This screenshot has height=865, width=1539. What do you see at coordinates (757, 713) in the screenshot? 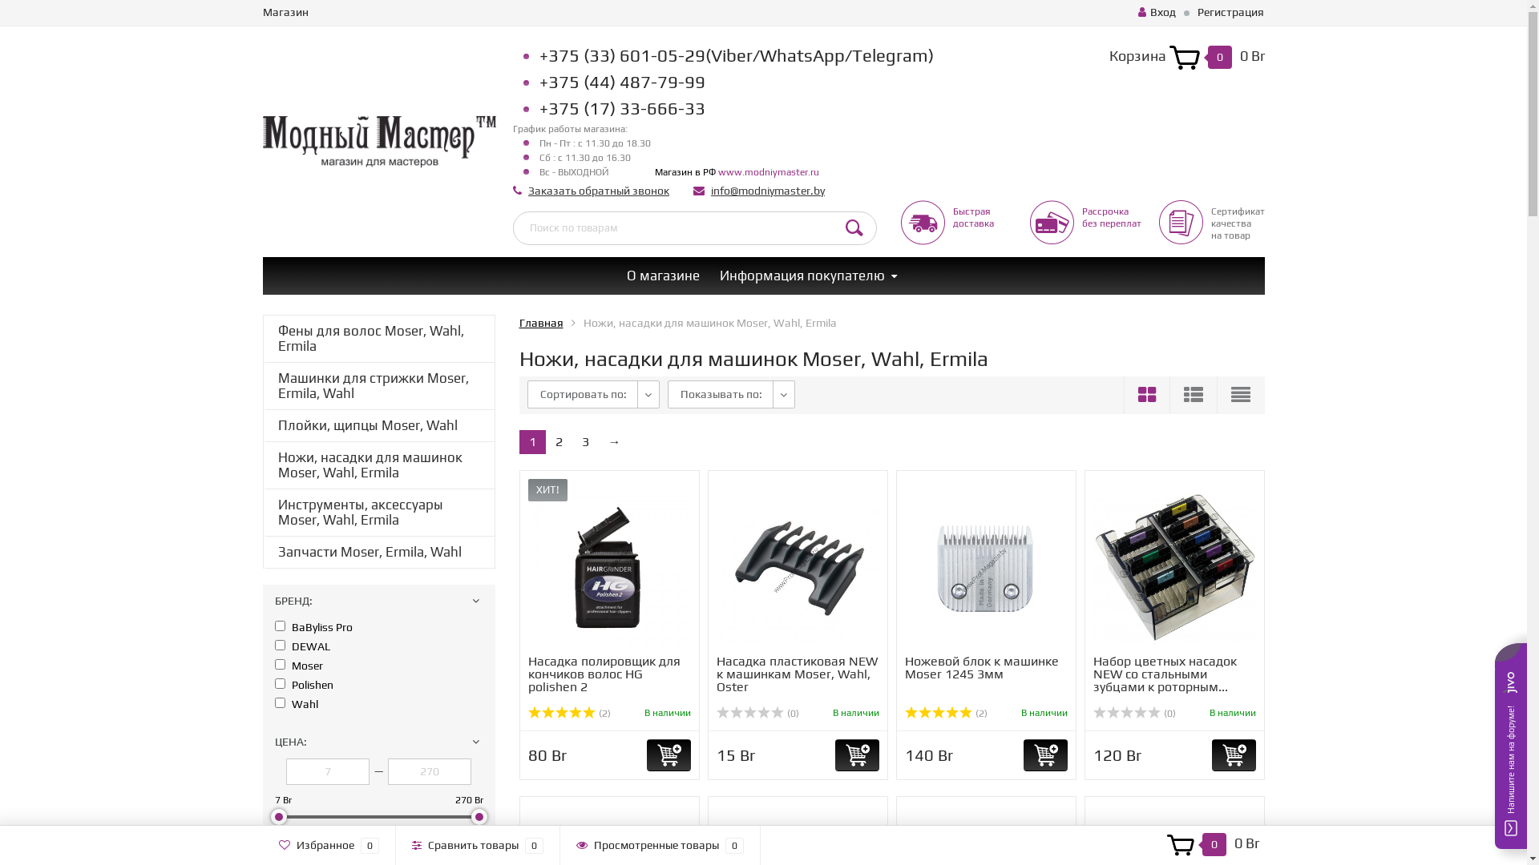
I see `'(0)'` at bounding box center [757, 713].